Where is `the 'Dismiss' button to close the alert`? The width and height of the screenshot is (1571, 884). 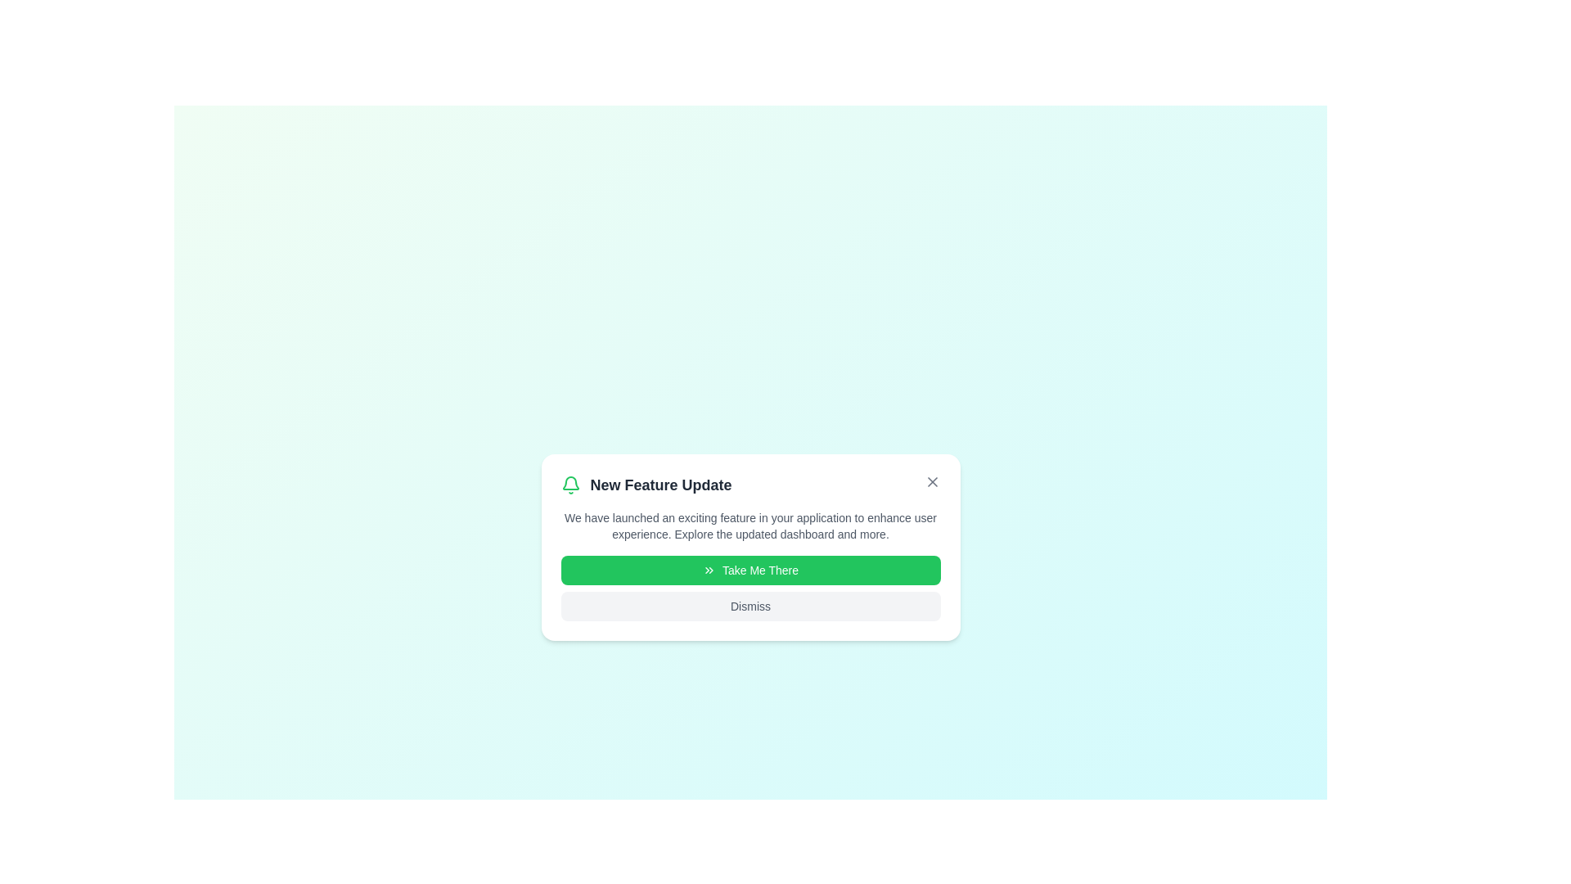 the 'Dismiss' button to close the alert is located at coordinates (749, 606).